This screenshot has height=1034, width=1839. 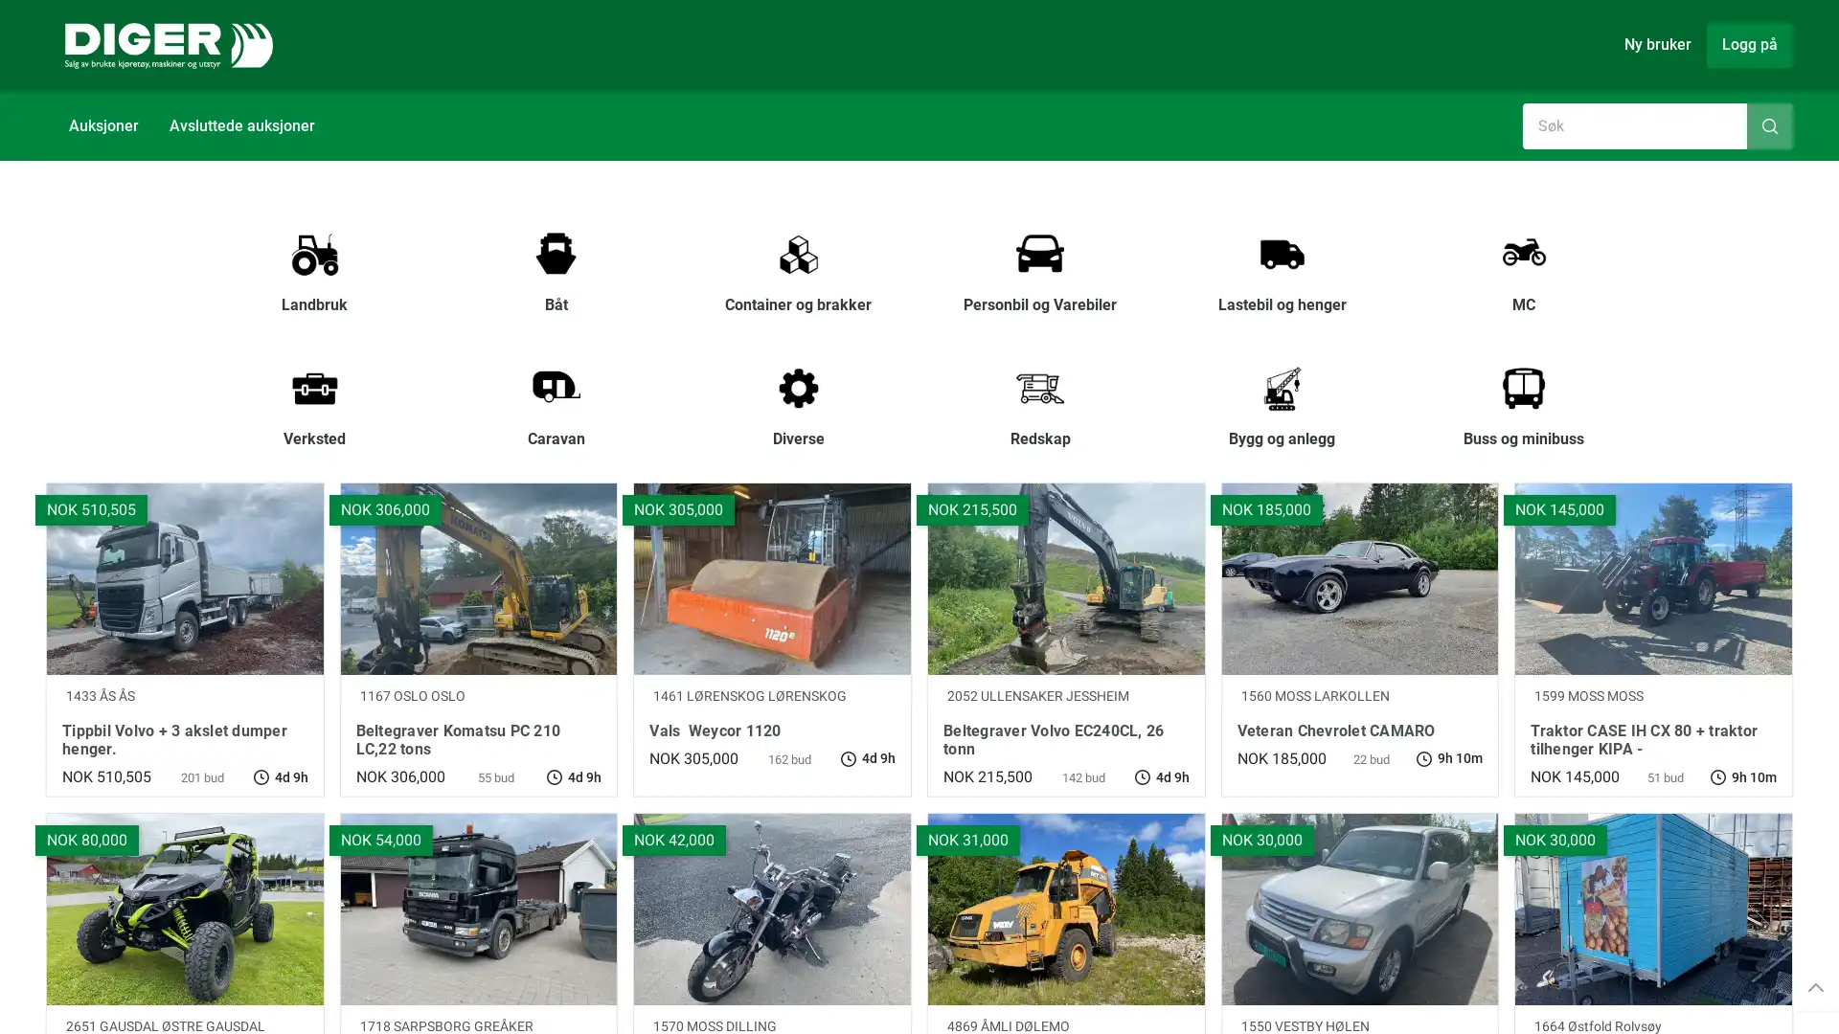 I want to click on Auksjoner, so click(x=102, y=125).